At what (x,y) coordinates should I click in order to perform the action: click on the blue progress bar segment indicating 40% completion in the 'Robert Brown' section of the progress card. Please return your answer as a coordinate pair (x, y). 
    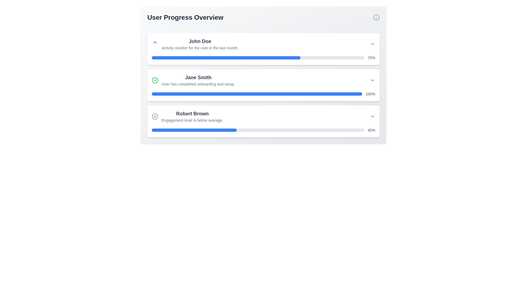
    Looking at the image, I should click on (194, 130).